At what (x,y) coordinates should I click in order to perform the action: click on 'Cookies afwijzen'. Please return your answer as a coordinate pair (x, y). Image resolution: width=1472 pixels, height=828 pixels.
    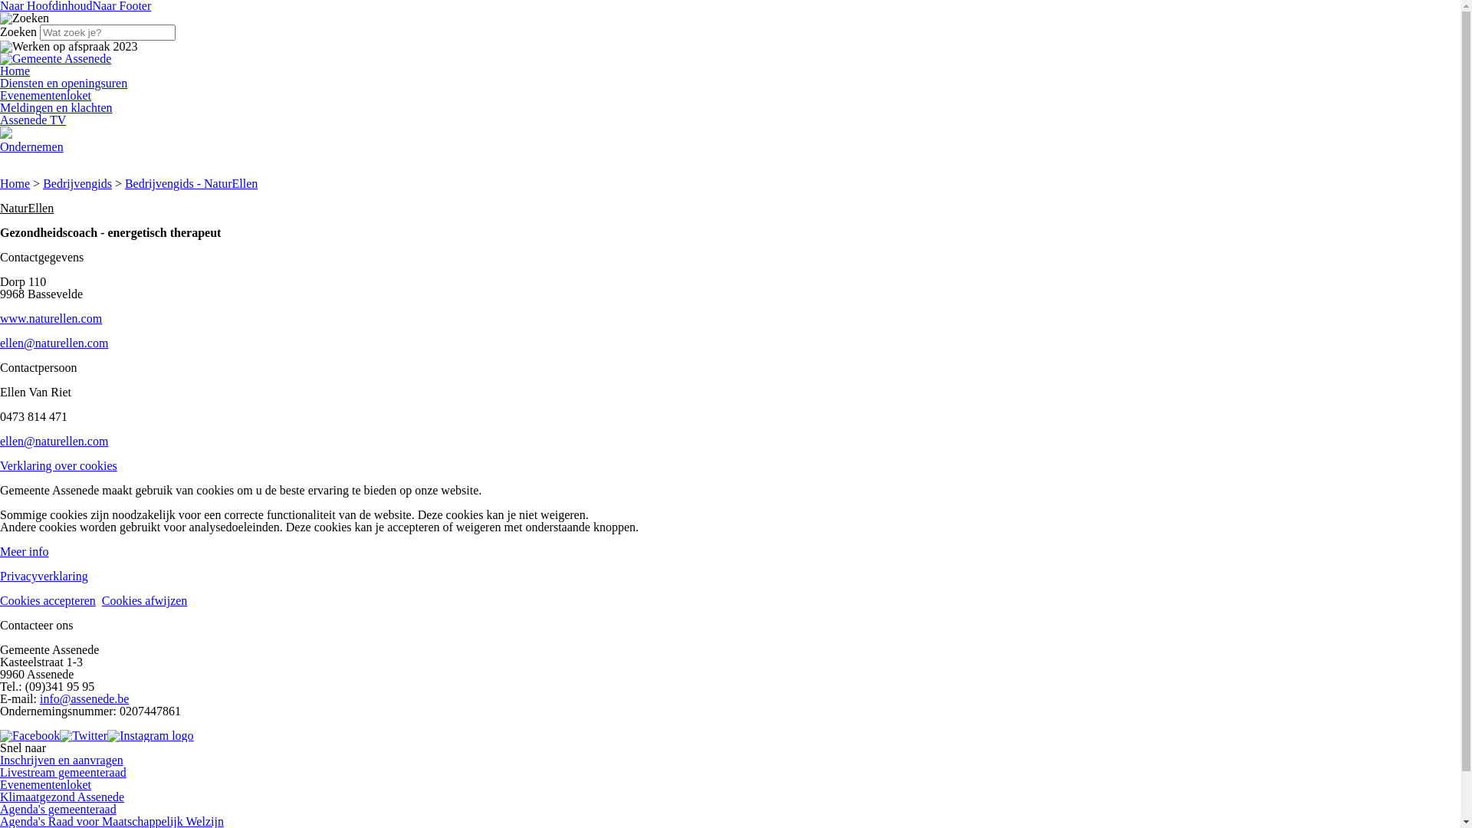
    Looking at the image, I should click on (101, 600).